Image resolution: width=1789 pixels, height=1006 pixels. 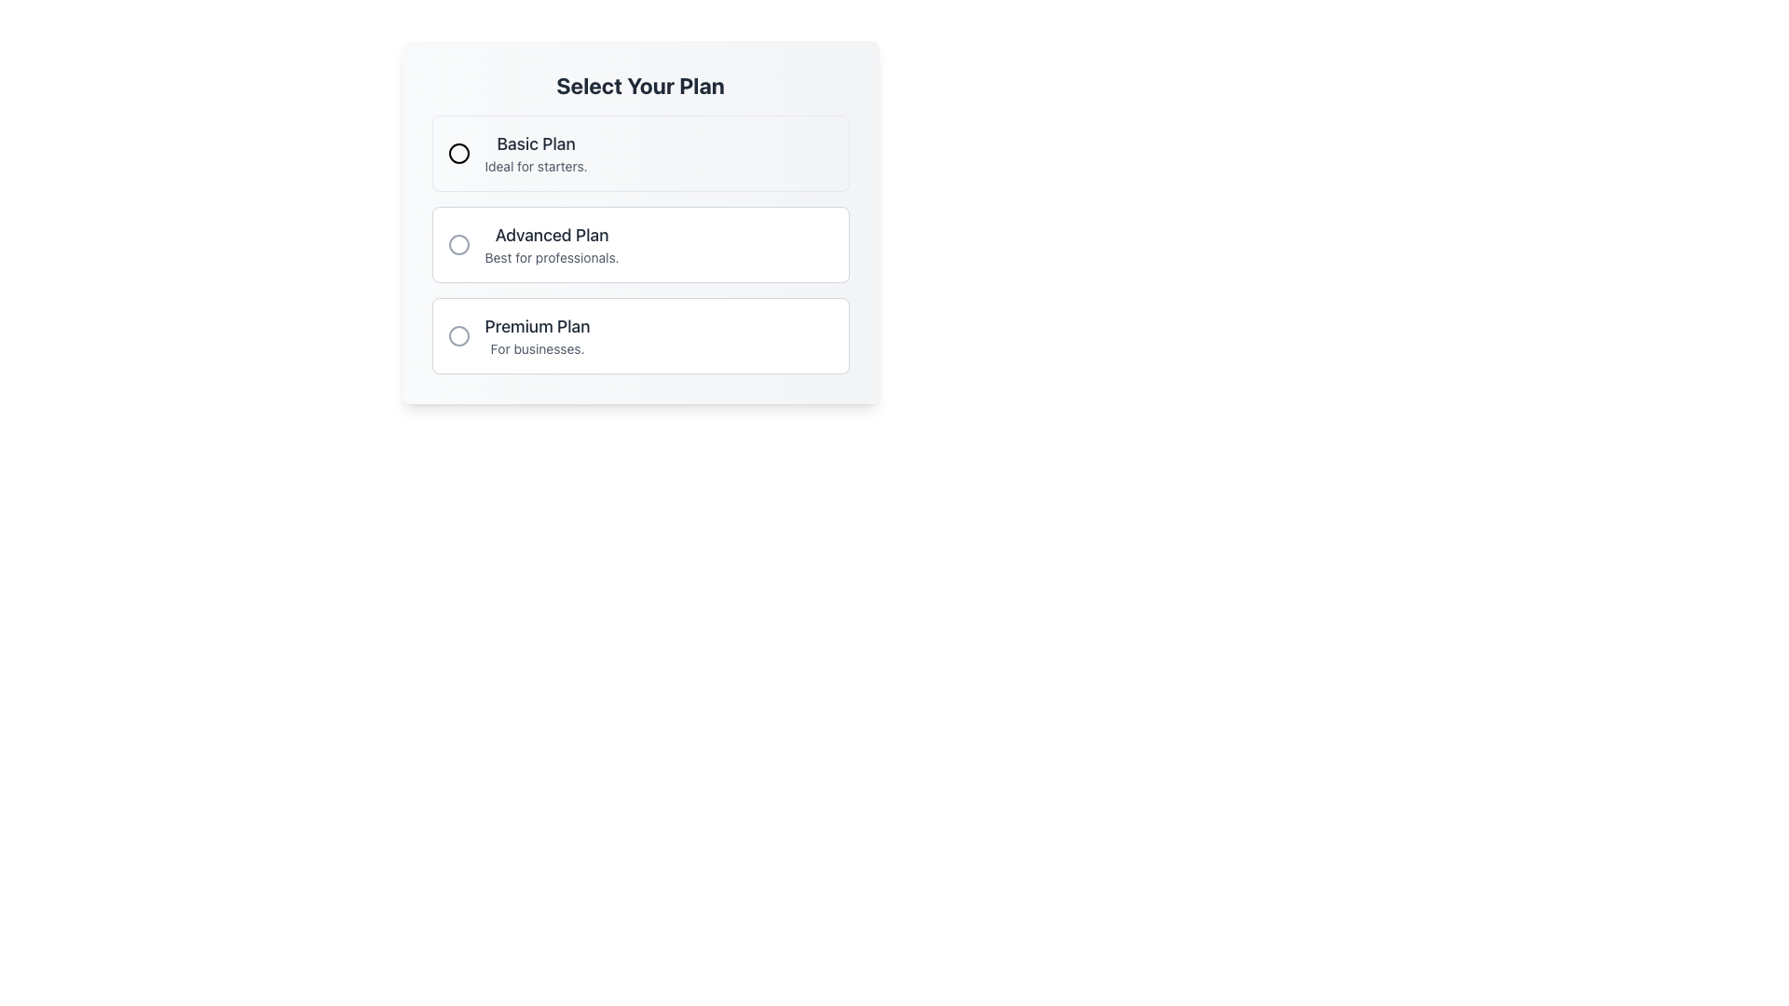 What do you see at coordinates (551, 235) in the screenshot?
I see `text label that says 'Advanced Plan', which is styled with a large font size, medium-weight typography, and dark gray color, located between the 'Basic Plan' and 'Premium Plan' options in the selection interface` at bounding box center [551, 235].